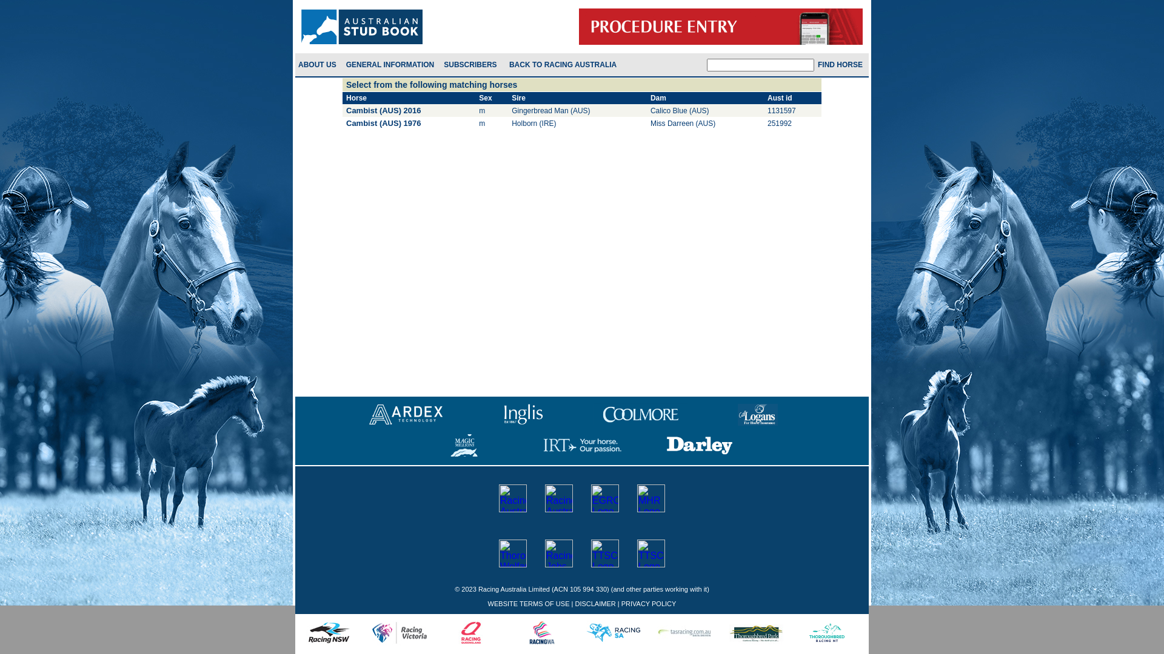  I want to click on 'SUBSCRIBERS', so click(440, 65).